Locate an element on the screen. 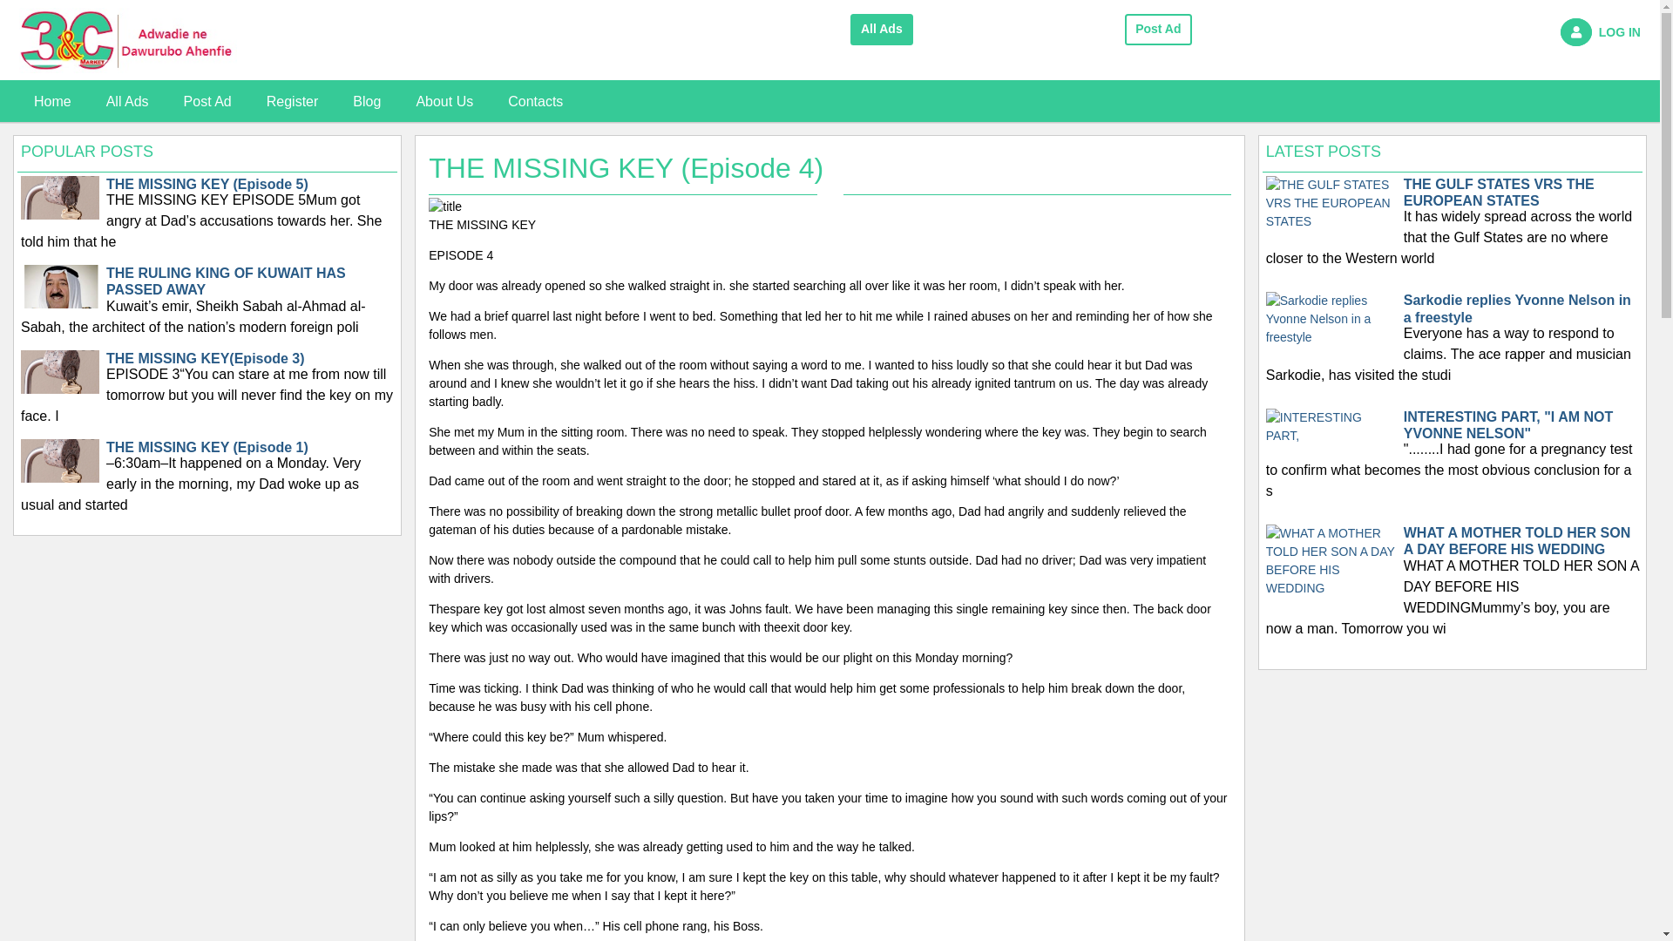  'INTERESTING PART, ' is located at coordinates (1330, 426).